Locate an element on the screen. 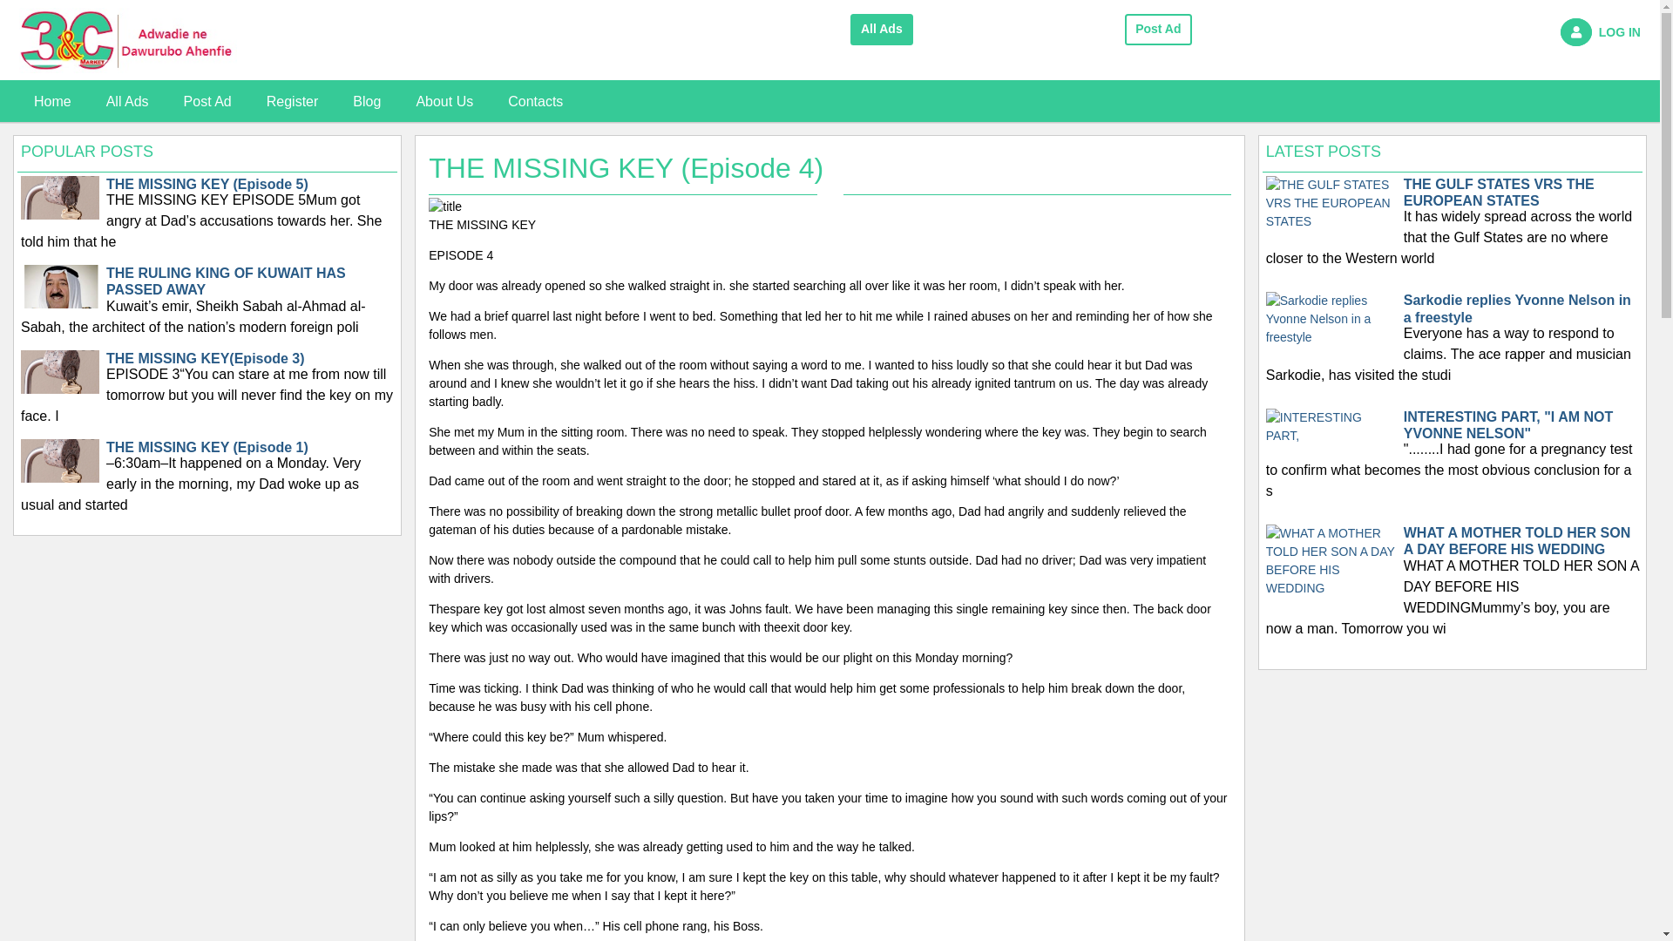  'INTERESTING PART, ' is located at coordinates (1330, 426).